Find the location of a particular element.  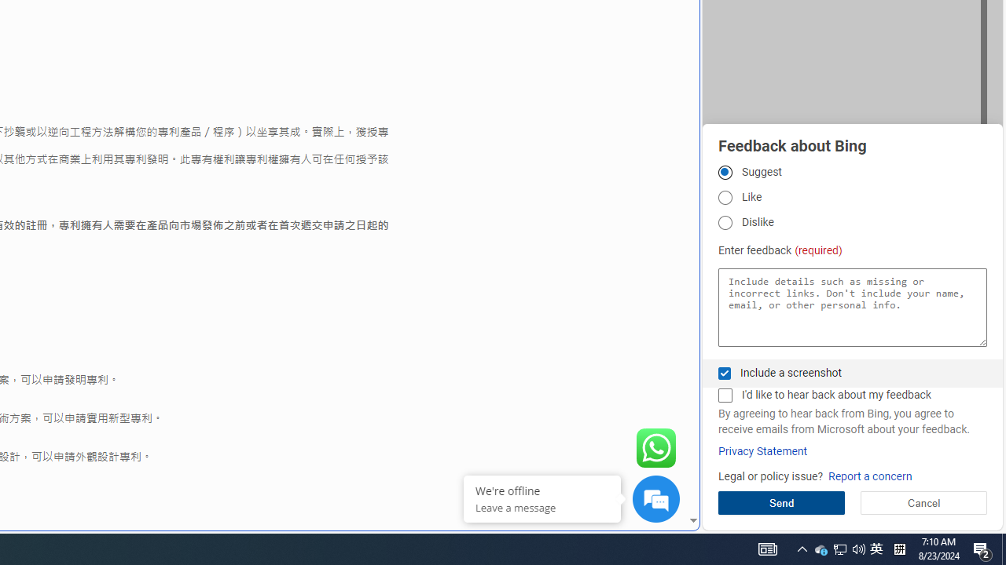

'I' is located at coordinates (724, 394).